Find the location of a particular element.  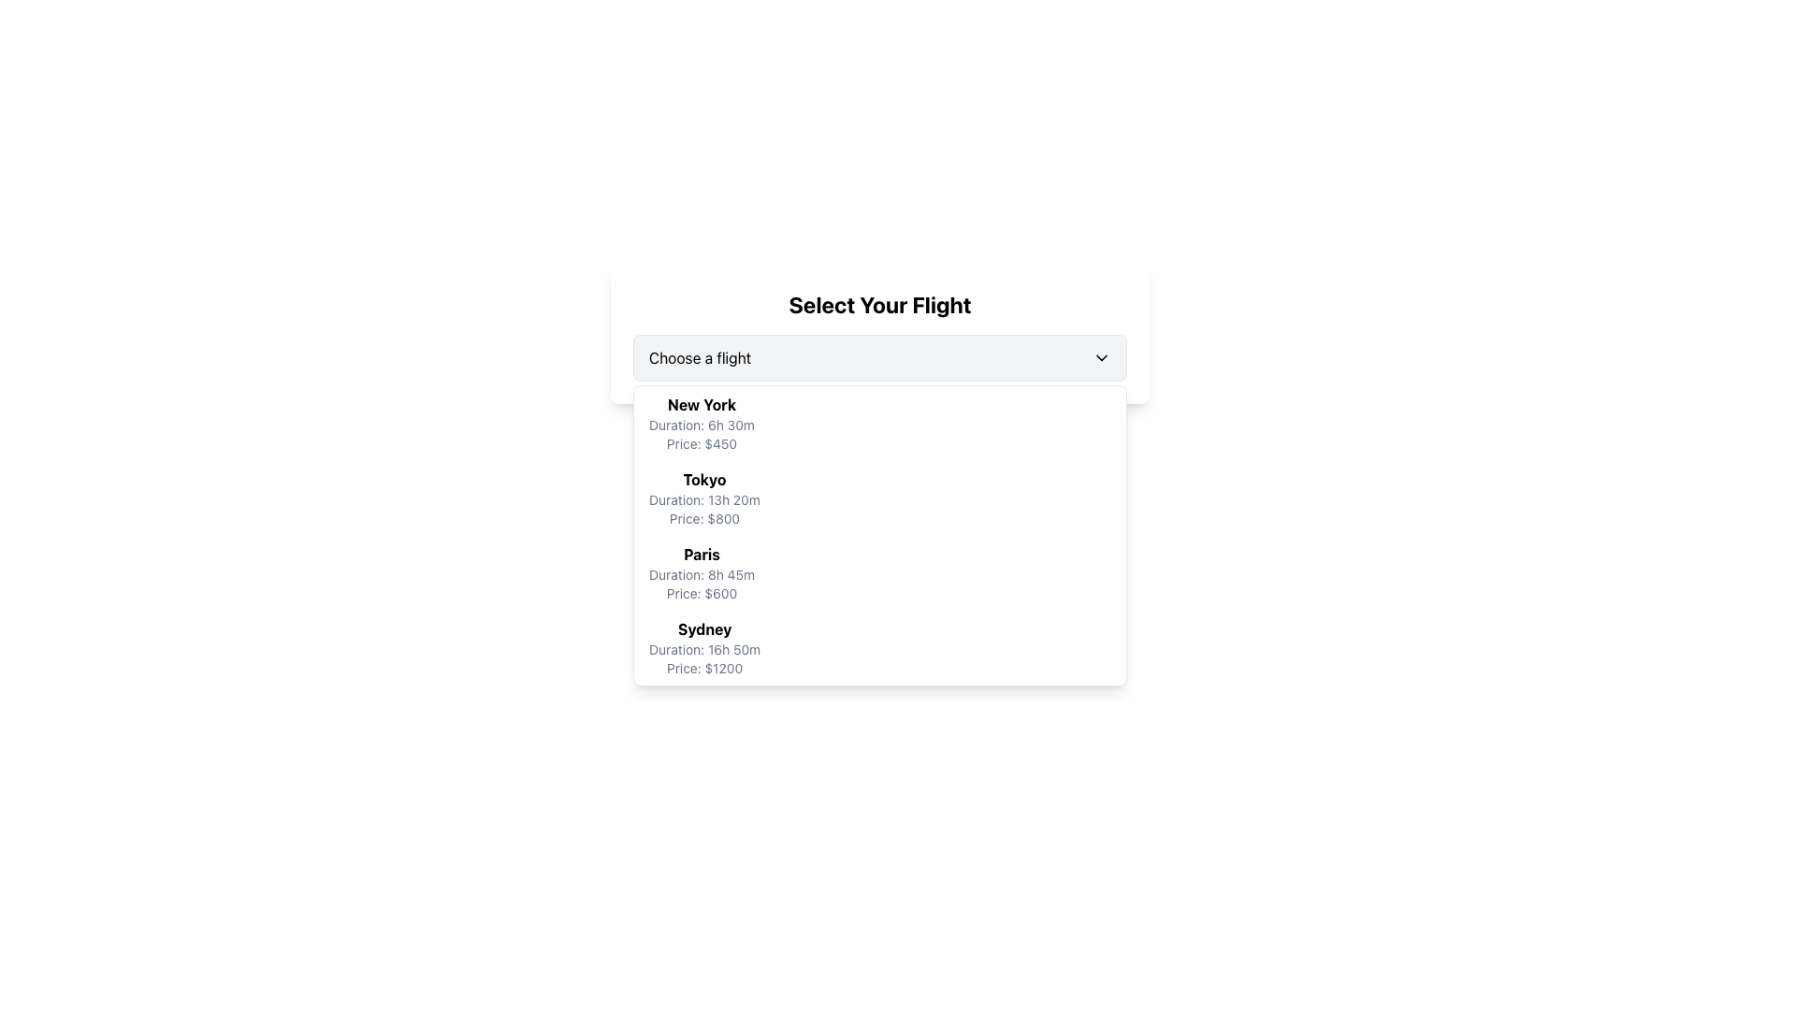

the informational list item for the flight option located between the entries for 'Tokyo' and 'Sydney' is located at coordinates (701, 572).